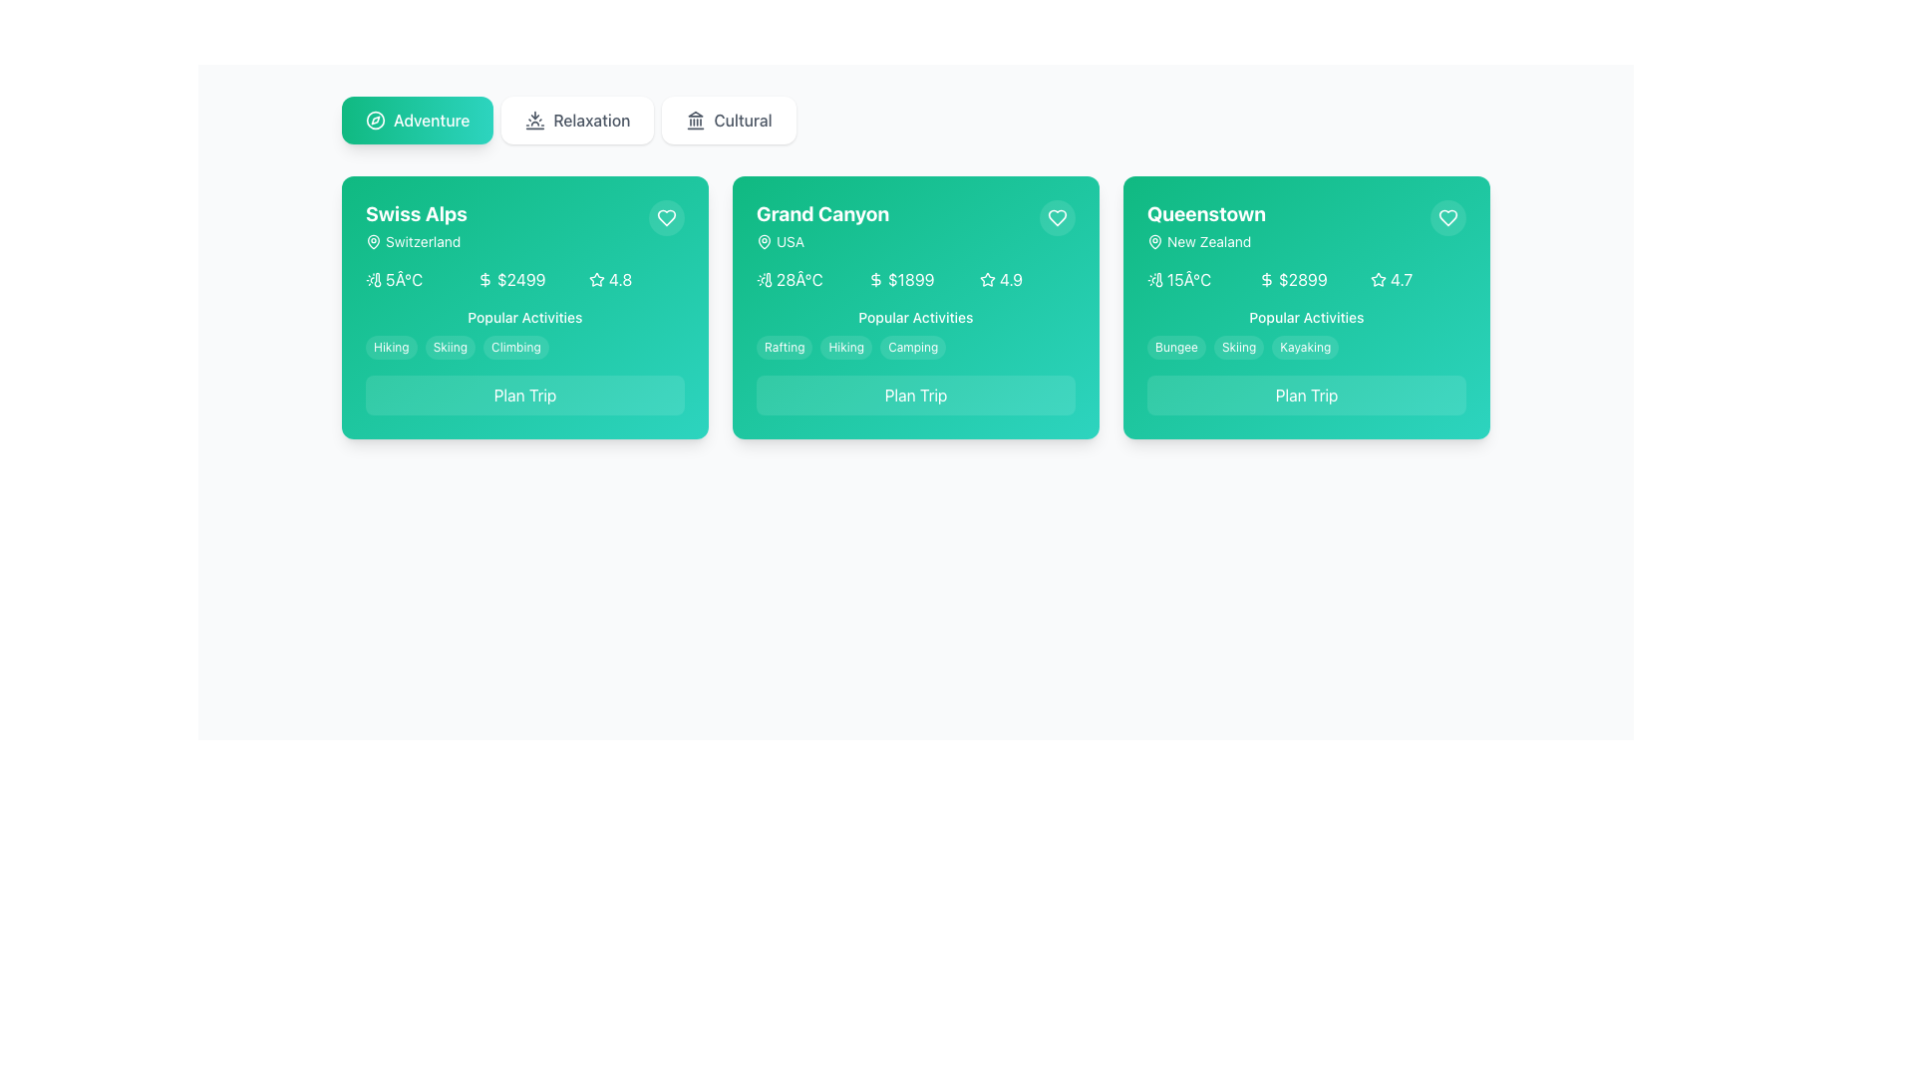  What do you see at coordinates (449, 346) in the screenshot?
I see `the 'Skiing' tag in the 'Popular Activities' section of the 'Swiss Alps' card` at bounding box center [449, 346].